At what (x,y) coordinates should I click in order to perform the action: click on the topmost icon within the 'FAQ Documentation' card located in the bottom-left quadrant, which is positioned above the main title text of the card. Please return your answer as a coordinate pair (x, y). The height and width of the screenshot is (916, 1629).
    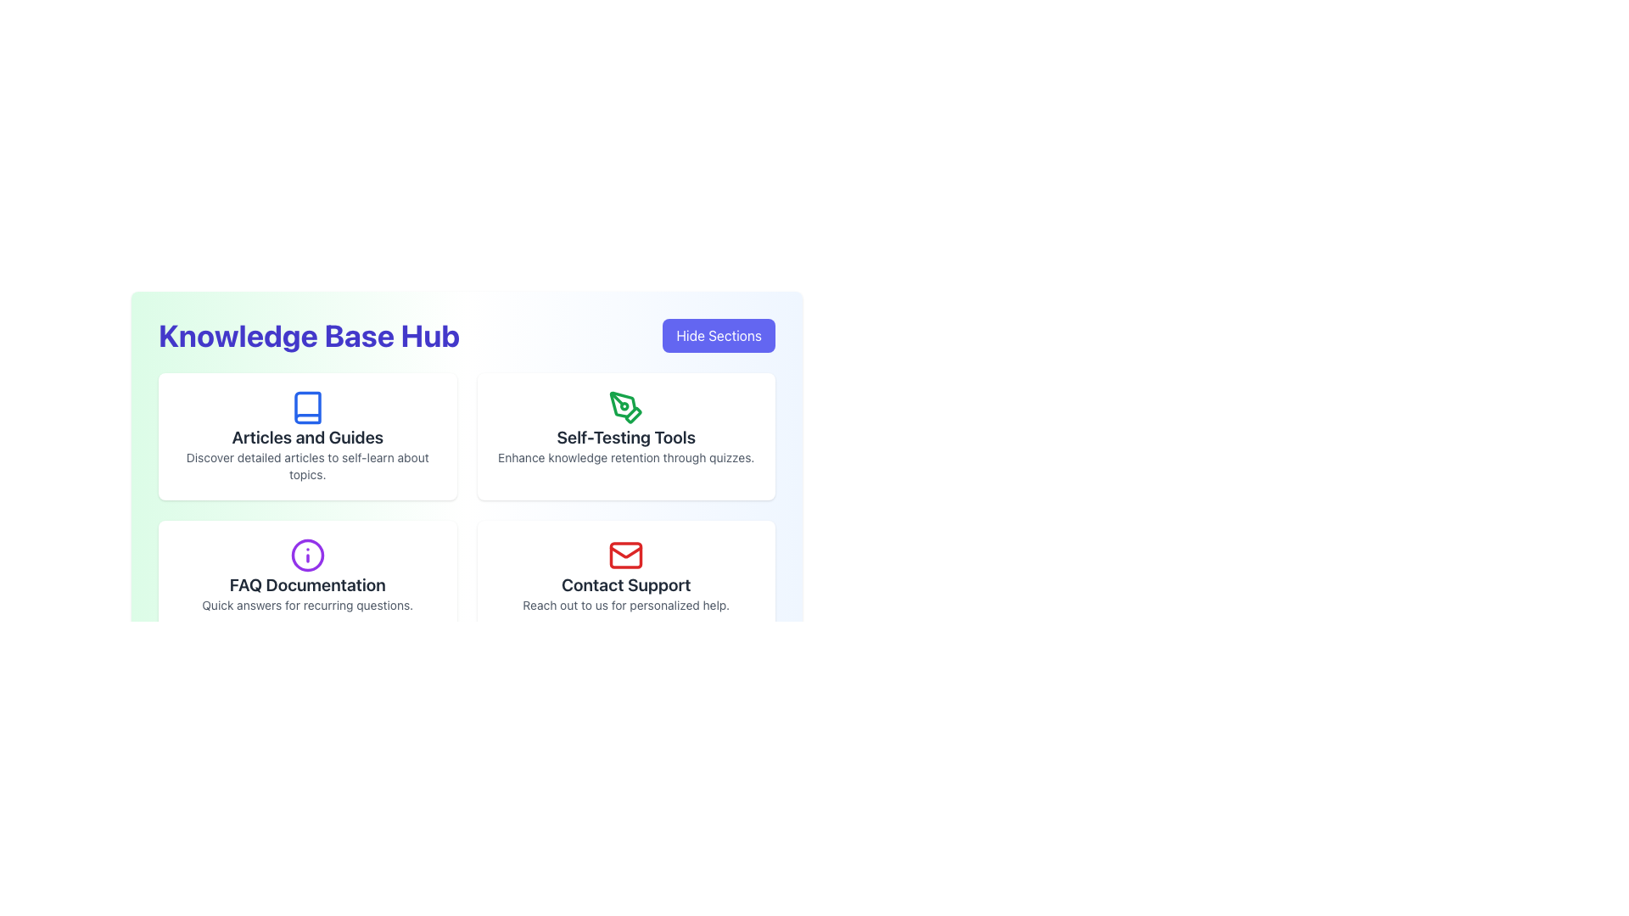
    Looking at the image, I should click on (307, 556).